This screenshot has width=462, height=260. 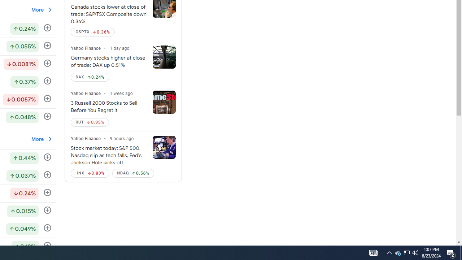 I want to click on 'More', so click(x=42, y=139).